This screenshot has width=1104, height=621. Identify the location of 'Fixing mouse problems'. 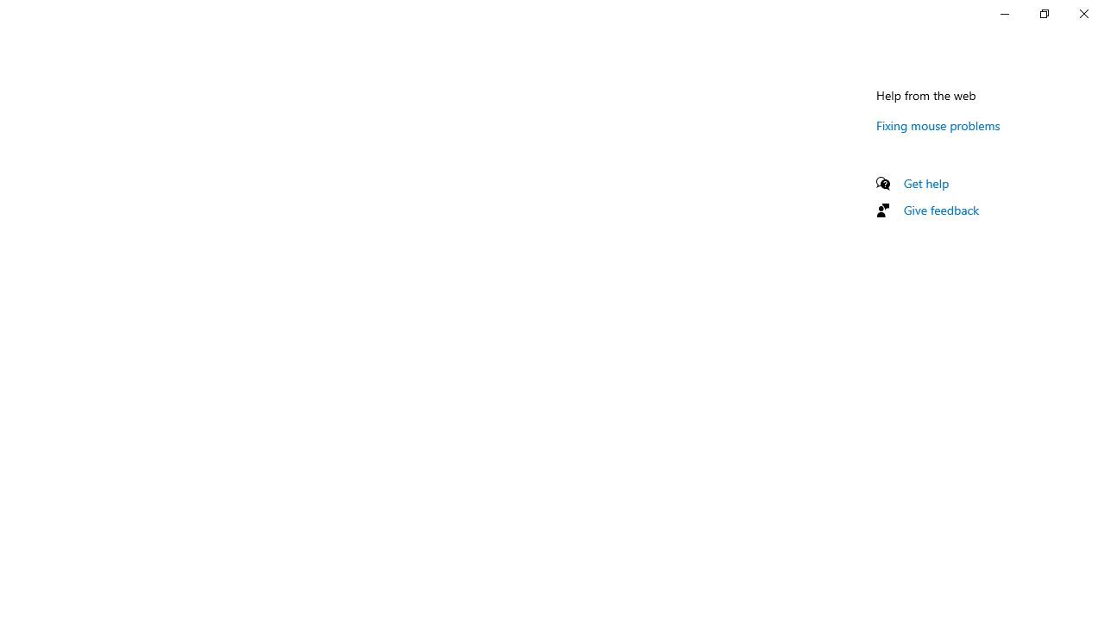
(938, 124).